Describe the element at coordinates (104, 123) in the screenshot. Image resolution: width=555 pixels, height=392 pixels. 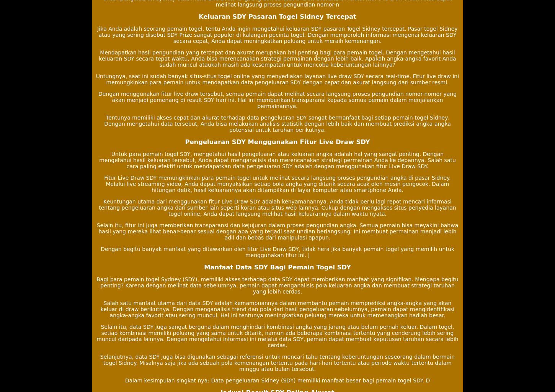
I see `'Tentunya memiliki akses cepat dan akurat terhadap data pengeluaran SDY sangat bermanfaat bagi setiap pemain togel Sidney. Dengan mengetahui data tersebut, Anda bisa melakukan analisis statistik dengan lebih baik dan membuat prediksi angka-angka potensial untuk taruhan berikutnya.'` at that location.